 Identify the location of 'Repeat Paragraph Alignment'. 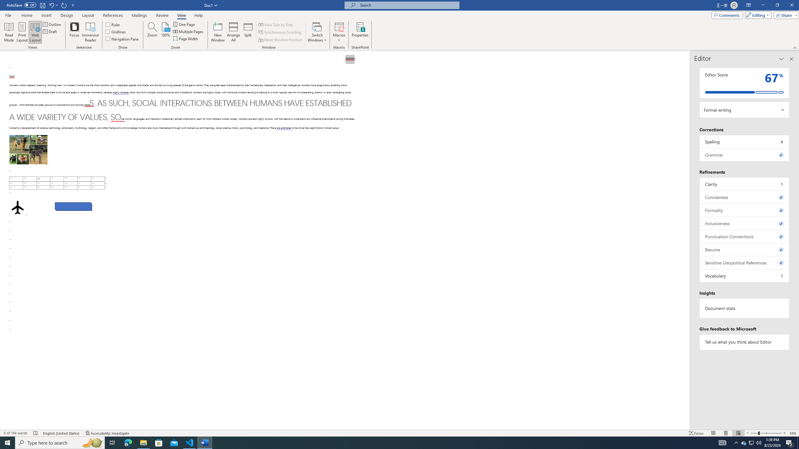
(64, 5).